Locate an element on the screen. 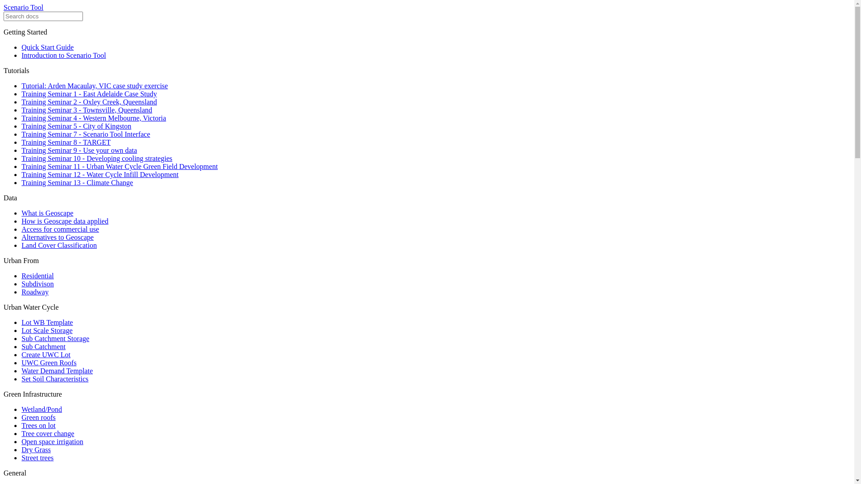  'Wetland/Pond' is located at coordinates (41, 409).